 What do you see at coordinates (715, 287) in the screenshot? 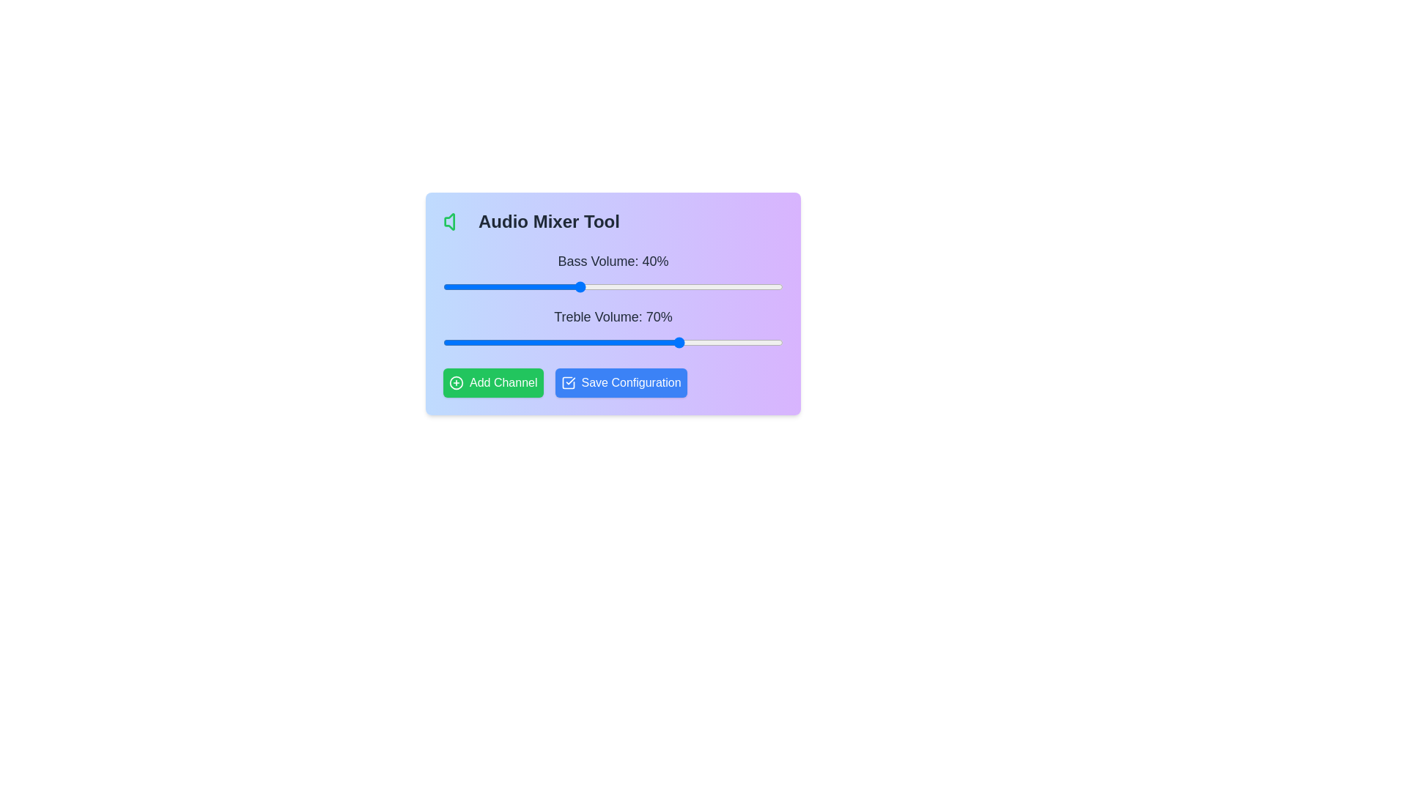
I see `the slider` at bounding box center [715, 287].